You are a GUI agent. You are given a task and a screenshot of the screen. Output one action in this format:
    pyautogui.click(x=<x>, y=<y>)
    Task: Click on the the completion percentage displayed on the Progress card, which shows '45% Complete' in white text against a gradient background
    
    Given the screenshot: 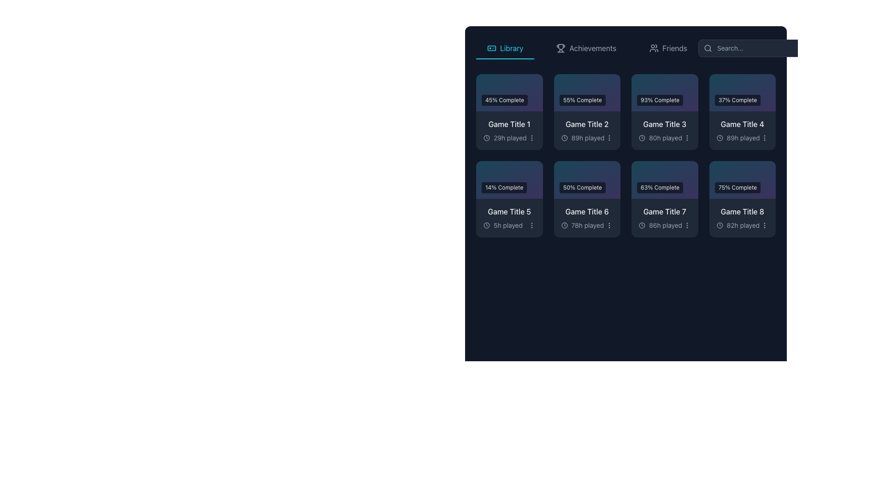 What is the action you would take?
    pyautogui.click(x=509, y=92)
    